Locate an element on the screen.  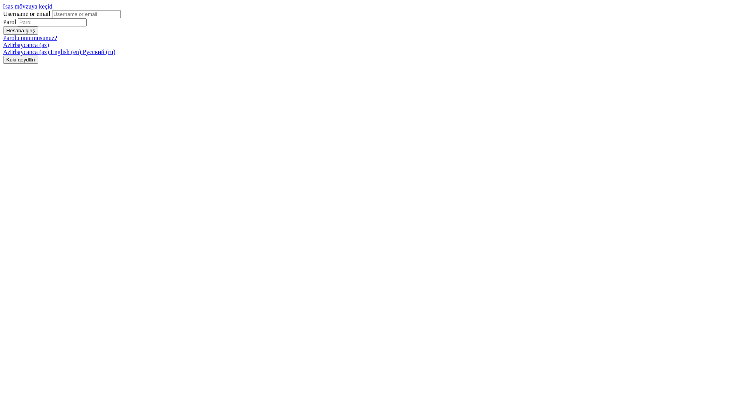
'English (en)' is located at coordinates (66, 52).